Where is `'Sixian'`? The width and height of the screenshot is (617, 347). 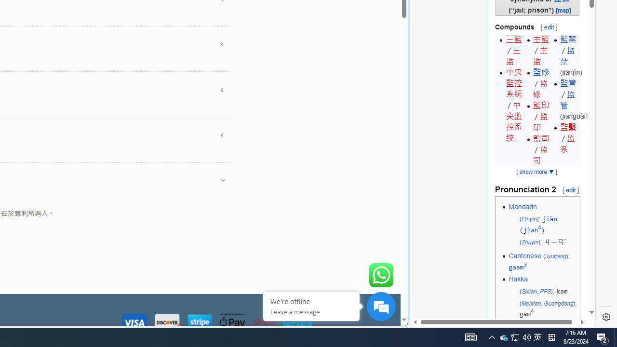 'Sixian' is located at coordinates (528, 291).